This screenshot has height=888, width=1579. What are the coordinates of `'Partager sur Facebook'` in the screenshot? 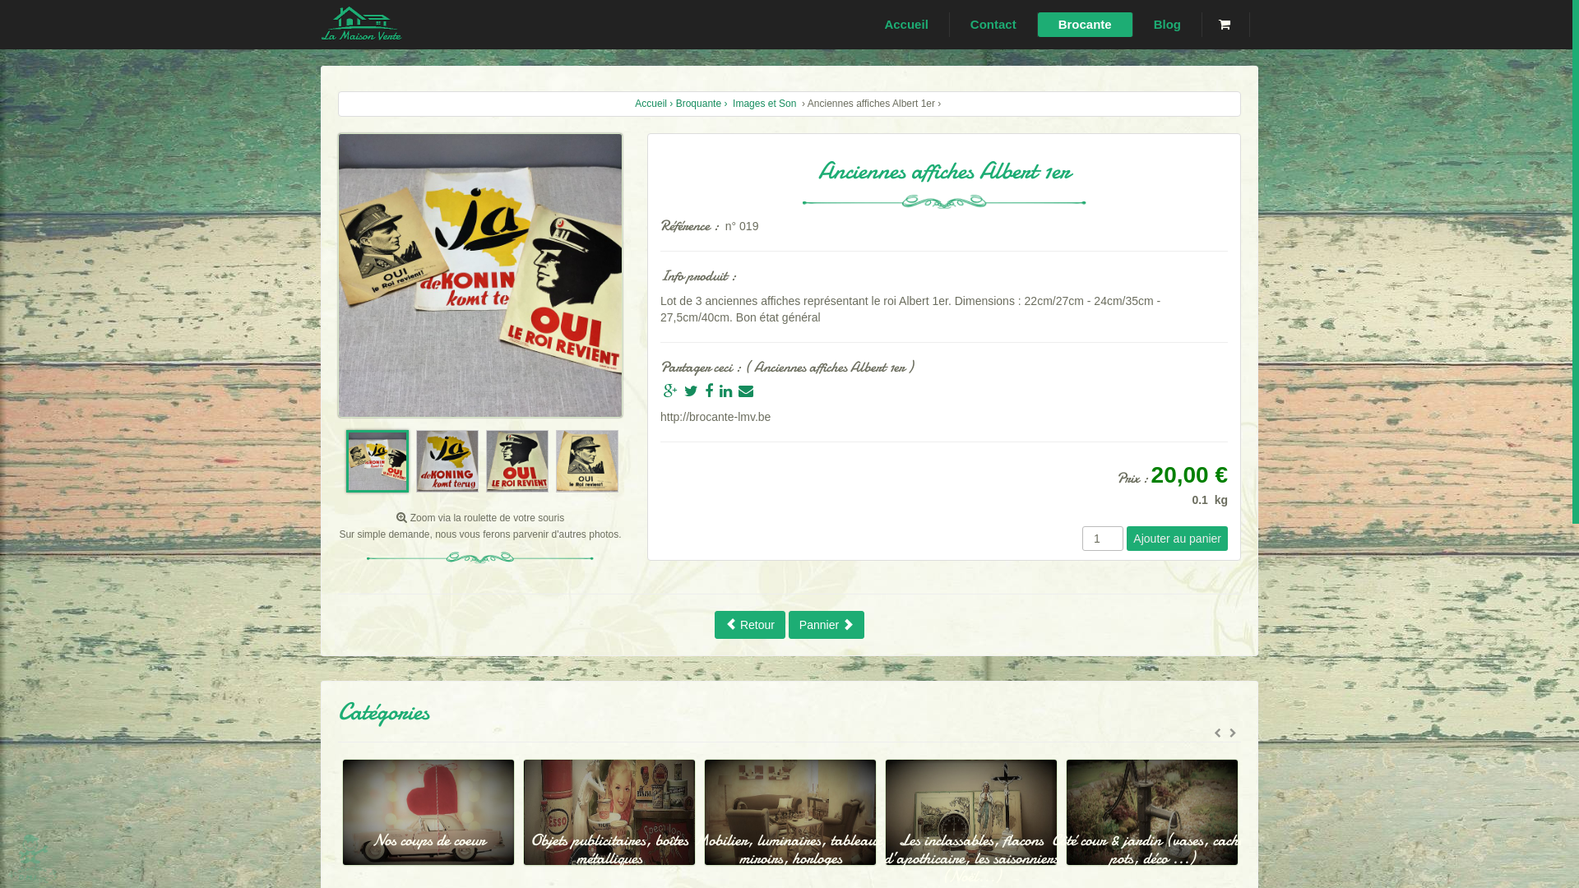 It's located at (709, 391).